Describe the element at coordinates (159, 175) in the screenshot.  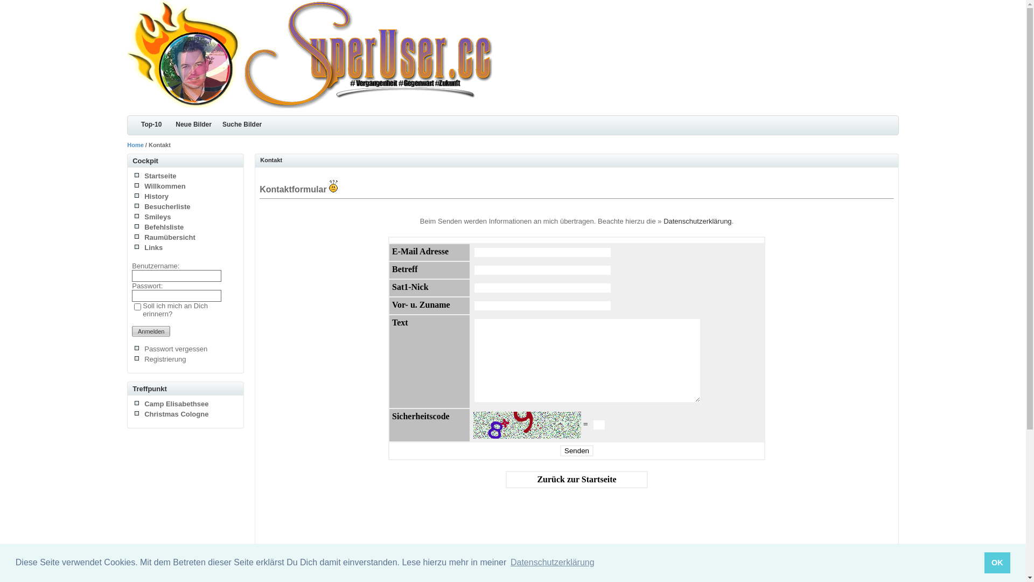
I see `'Startseite'` at that location.